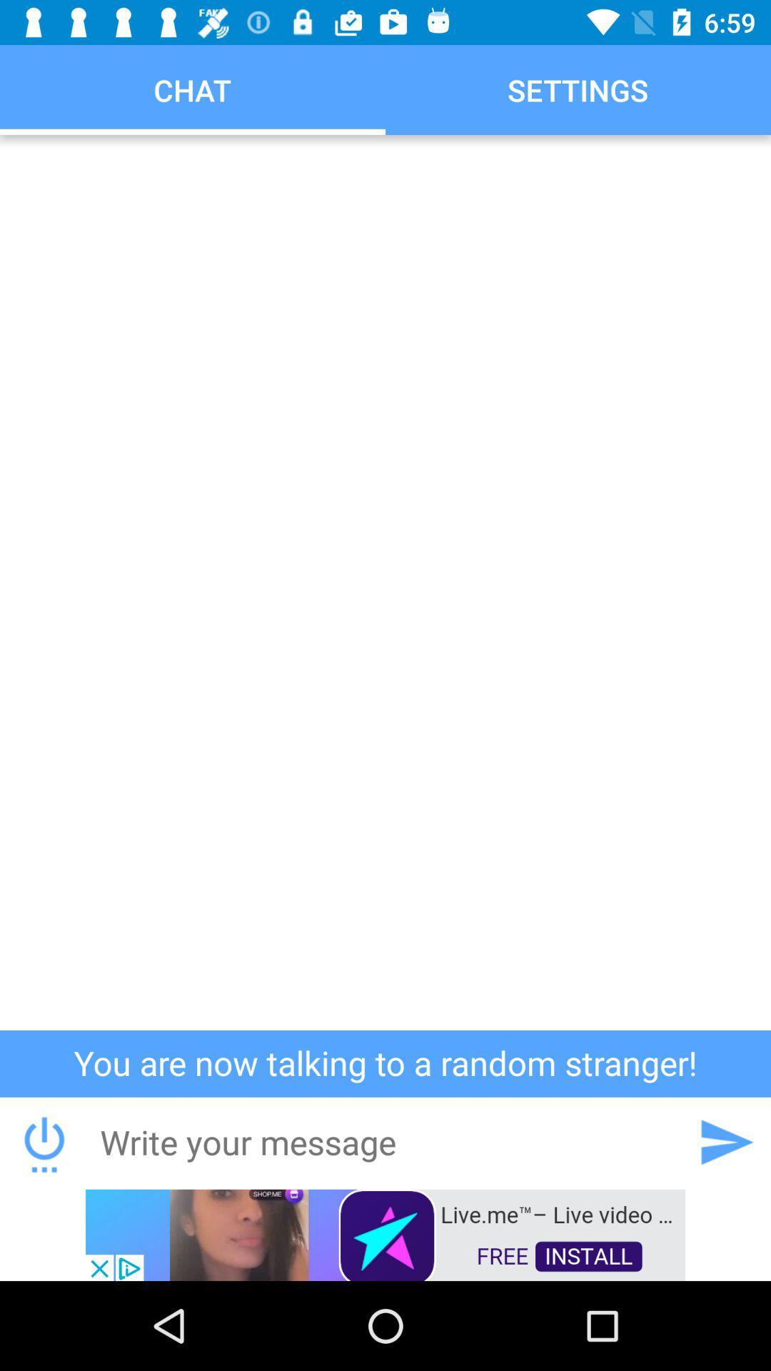  What do you see at coordinates (726, 1141) in the screenshot?
I see `next` at bounding box center [726, 1141].